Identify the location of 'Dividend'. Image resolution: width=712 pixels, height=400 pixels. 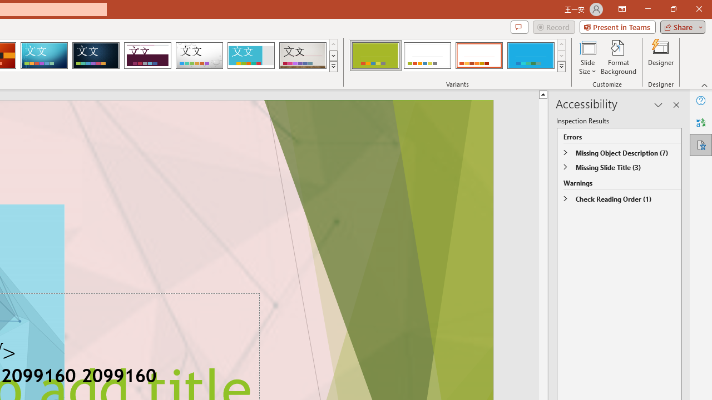
(147, 56).